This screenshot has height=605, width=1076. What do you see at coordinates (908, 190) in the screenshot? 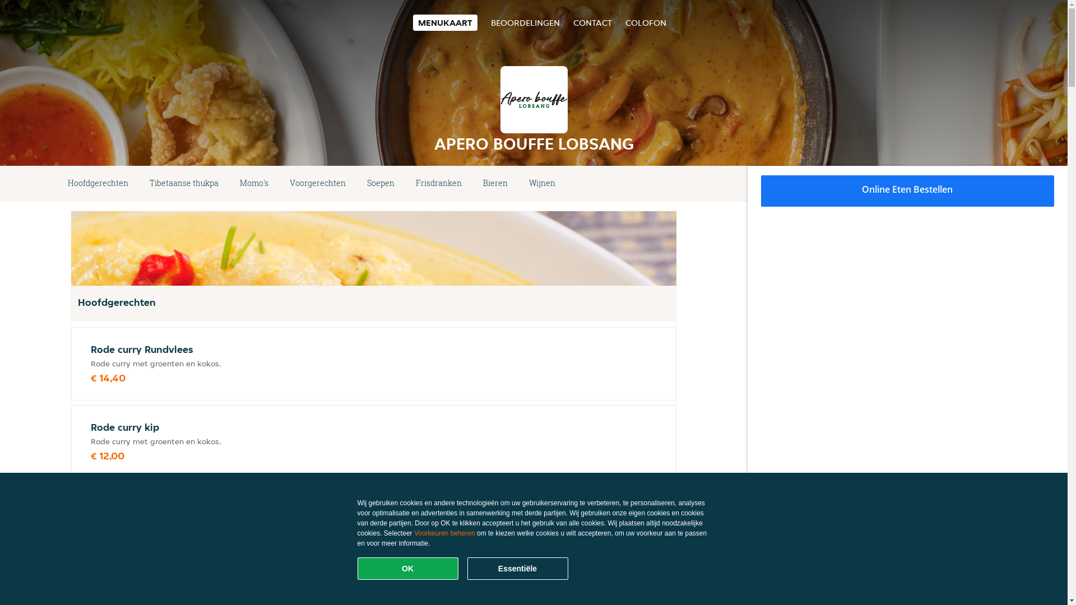
I see `'Online Eten Bestellen'` at bounding box center [908, 190].